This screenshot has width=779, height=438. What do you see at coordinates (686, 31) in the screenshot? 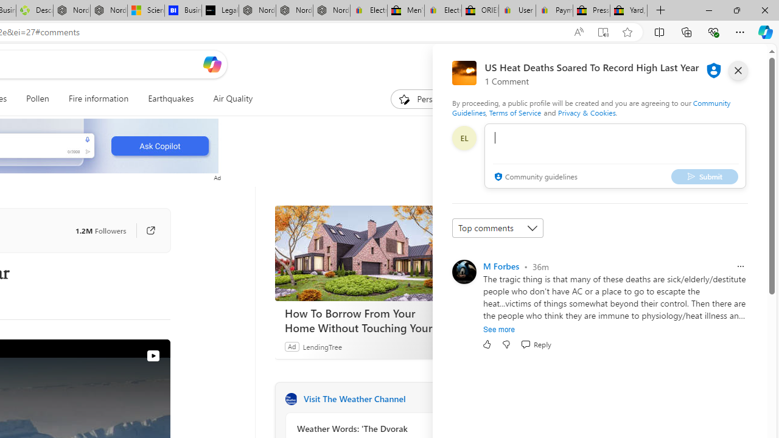
I see `'Collections'` at bounding box center [686, 31].